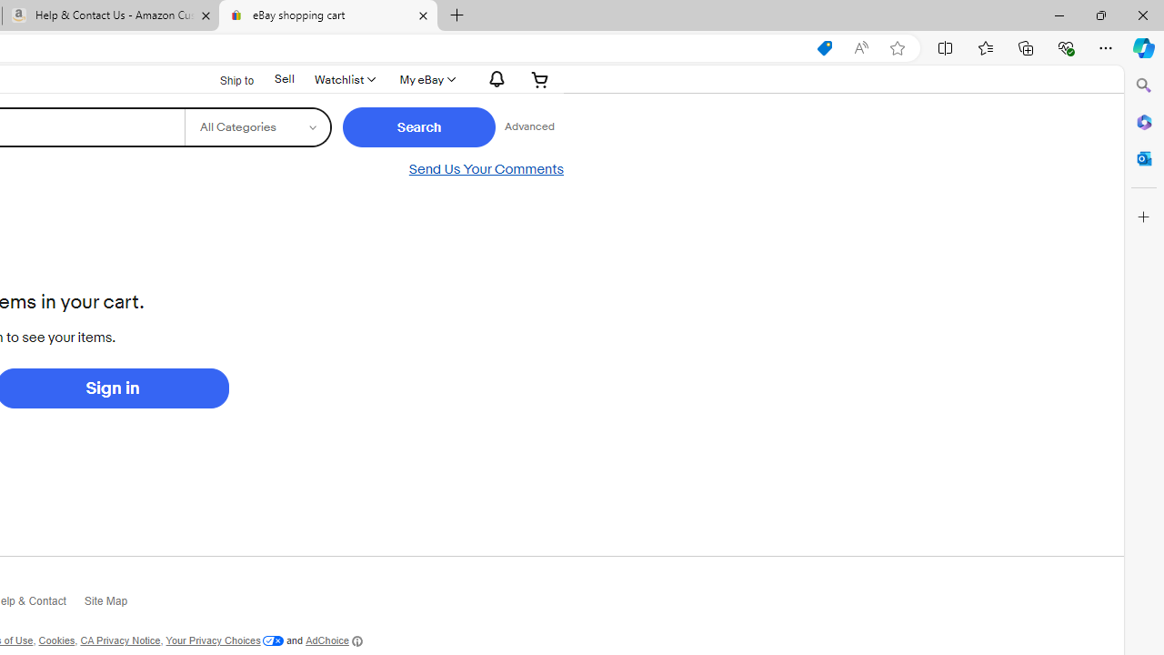 The image size is (1164, 655). I want to click on 'WatchlistExpand Watch List', so click(344, 78).